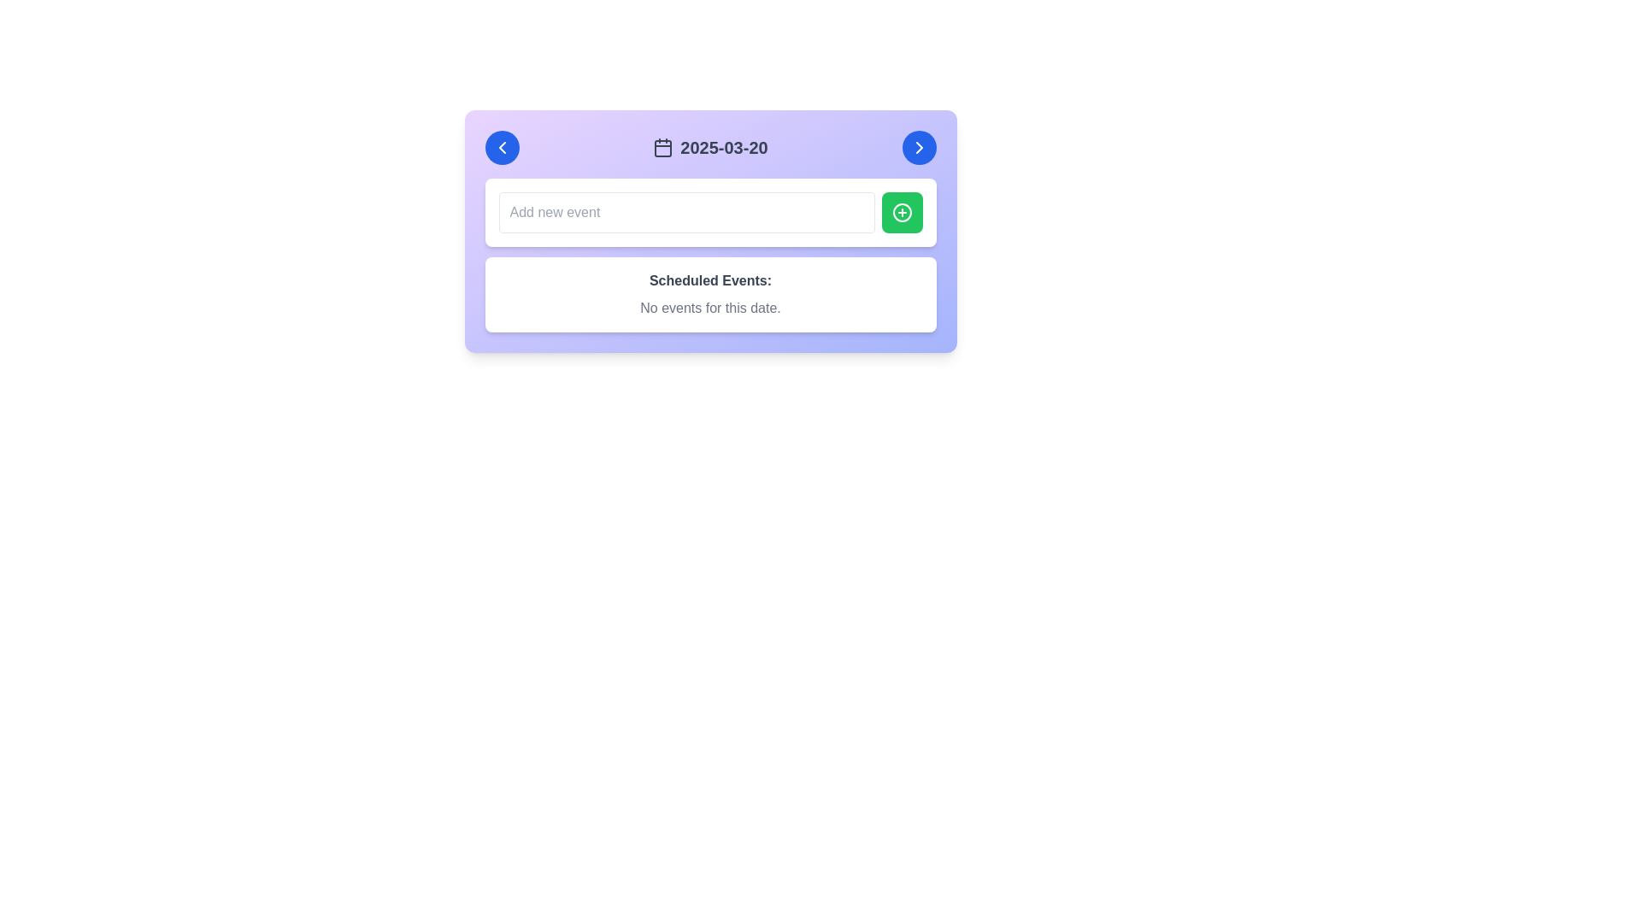 This screenshot has height=923, width=1641. I want to click on the static text label displaying the currently selected date, which is centrally positioned within a date selection interface, so click(710, 147).